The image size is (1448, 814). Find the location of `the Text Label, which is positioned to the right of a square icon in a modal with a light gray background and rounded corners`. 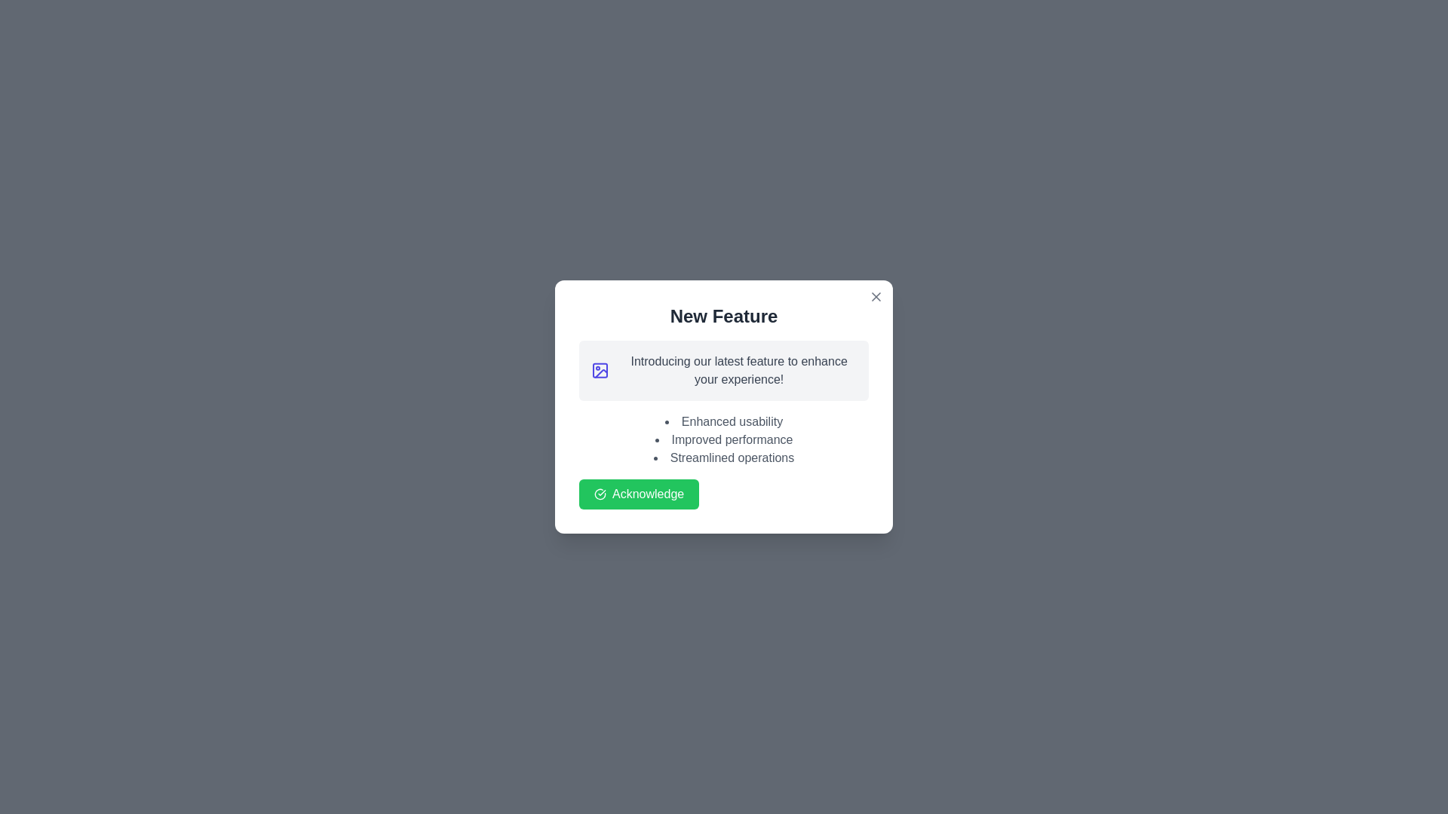

the Text Label, which is positioned to the right of a square icon in a modal with a light gray background and rounded corners is located at coordinates (739, 371).